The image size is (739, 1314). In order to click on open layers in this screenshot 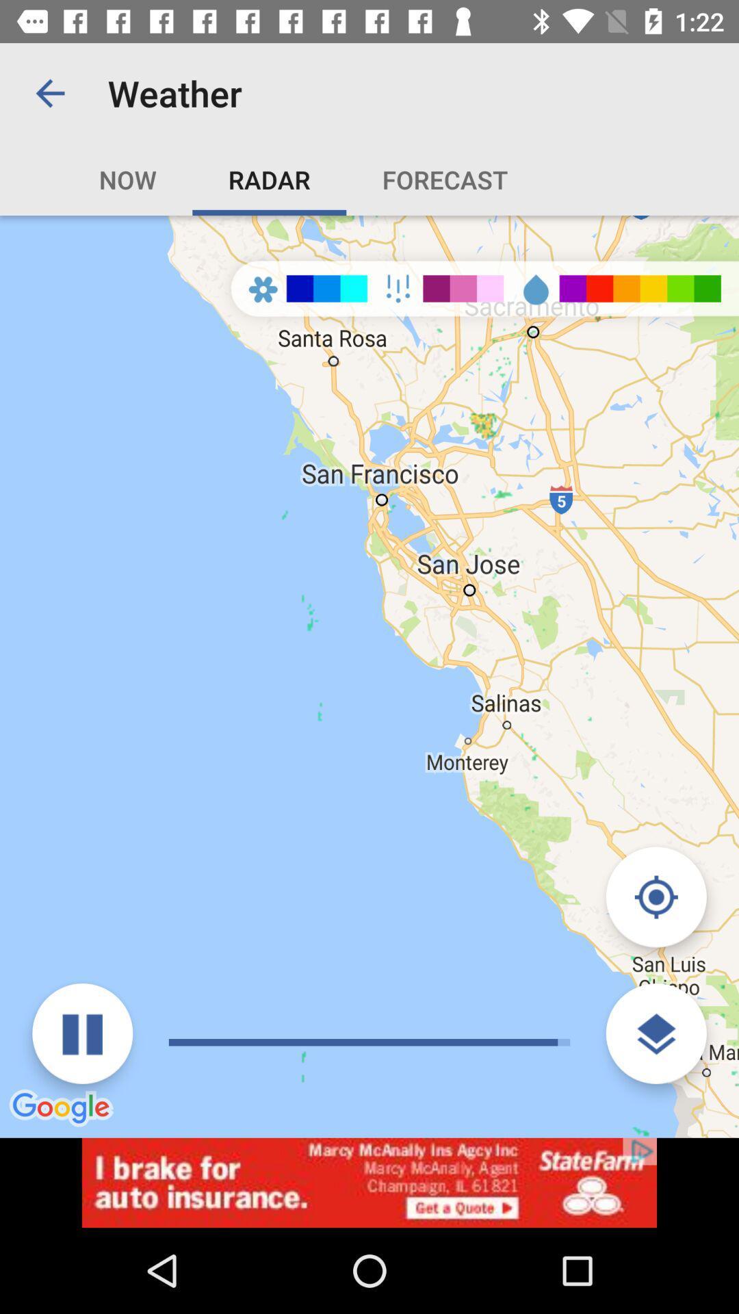, I will do `click(656, 1033)`.